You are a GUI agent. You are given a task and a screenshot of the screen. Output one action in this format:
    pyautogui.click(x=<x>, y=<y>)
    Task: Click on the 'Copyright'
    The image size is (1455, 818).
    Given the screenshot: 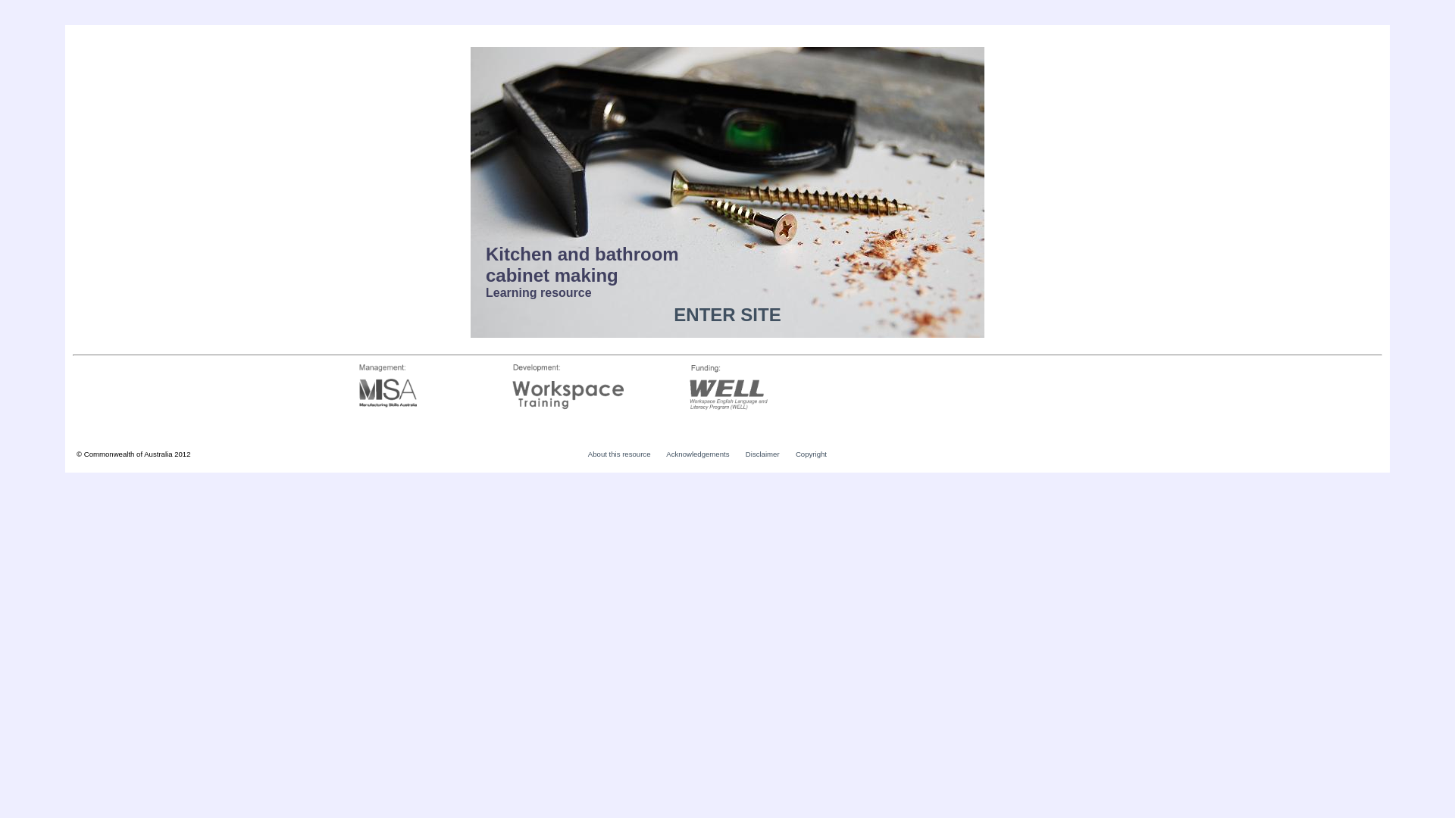 What is the action you would take?
    pyautogui.click(x=810, y=453)
    